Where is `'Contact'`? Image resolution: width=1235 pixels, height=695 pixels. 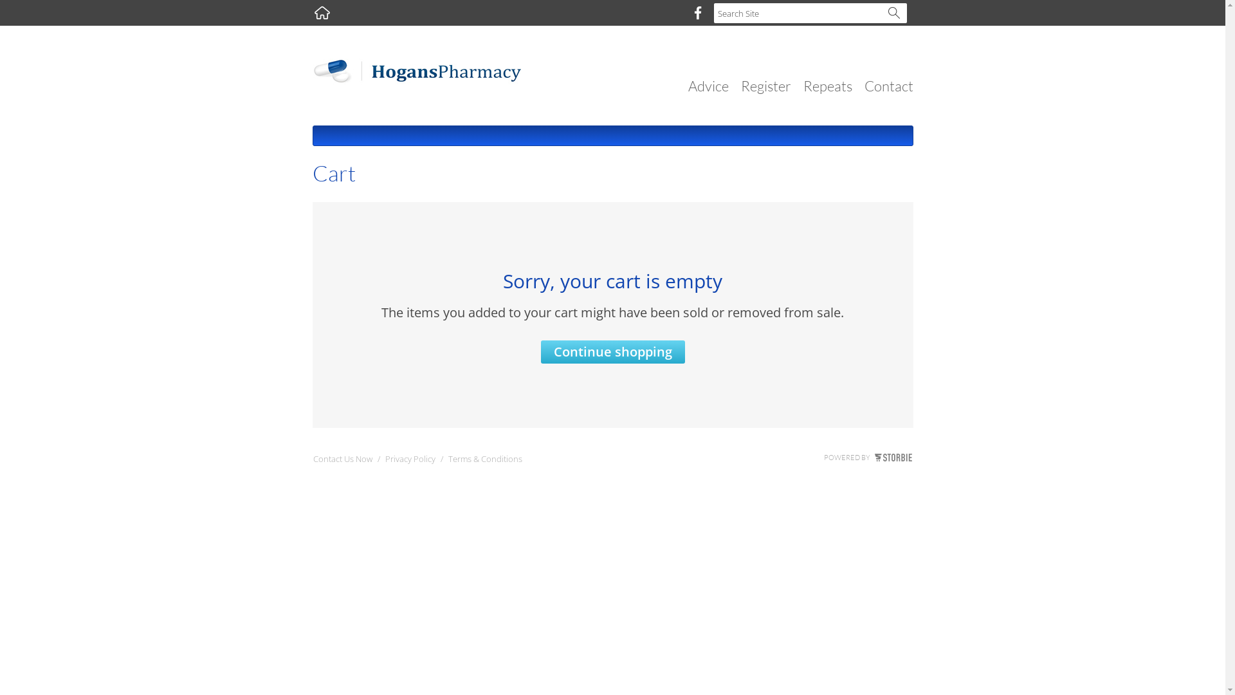
'Contact' is located at coordinates (888, 86).